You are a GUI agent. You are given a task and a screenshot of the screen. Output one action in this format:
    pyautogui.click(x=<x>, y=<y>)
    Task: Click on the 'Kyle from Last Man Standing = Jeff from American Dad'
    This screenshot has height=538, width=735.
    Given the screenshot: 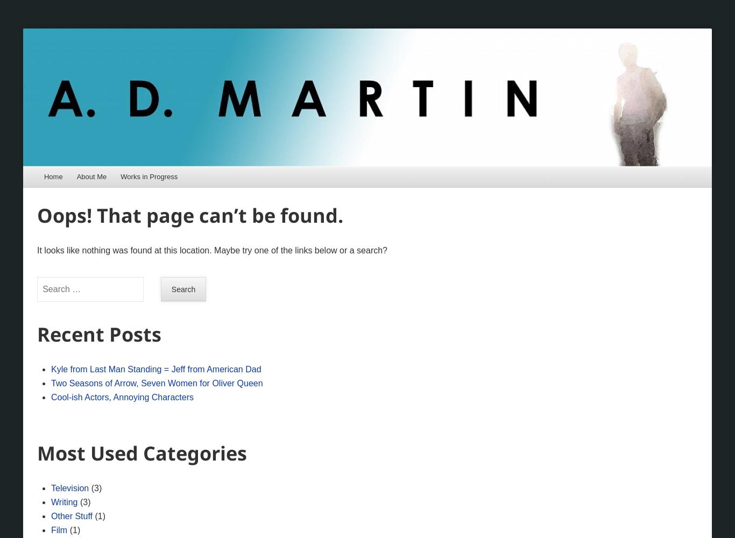 What is the action you would take?
    pyautogui.click(x=156, y=369)
    